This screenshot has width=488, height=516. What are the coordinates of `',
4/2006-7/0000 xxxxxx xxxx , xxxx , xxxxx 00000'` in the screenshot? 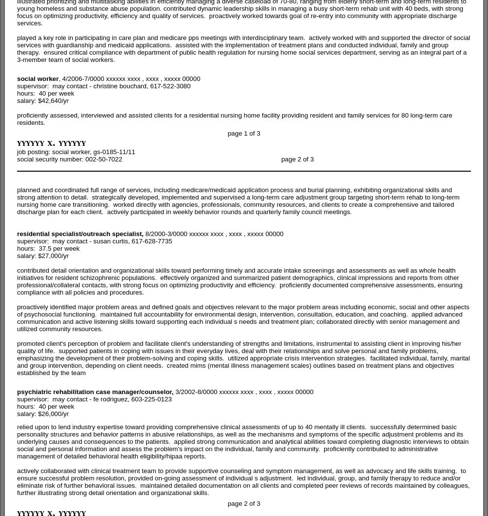 It's located at (129, 78).